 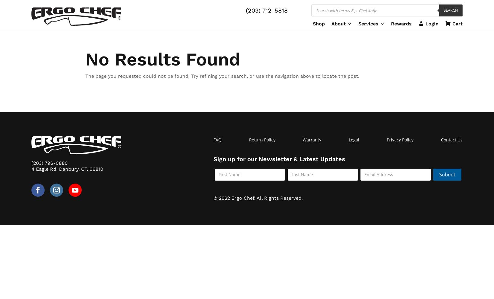 I want to click on 'Engraving Services', so click(x=389, y=61).